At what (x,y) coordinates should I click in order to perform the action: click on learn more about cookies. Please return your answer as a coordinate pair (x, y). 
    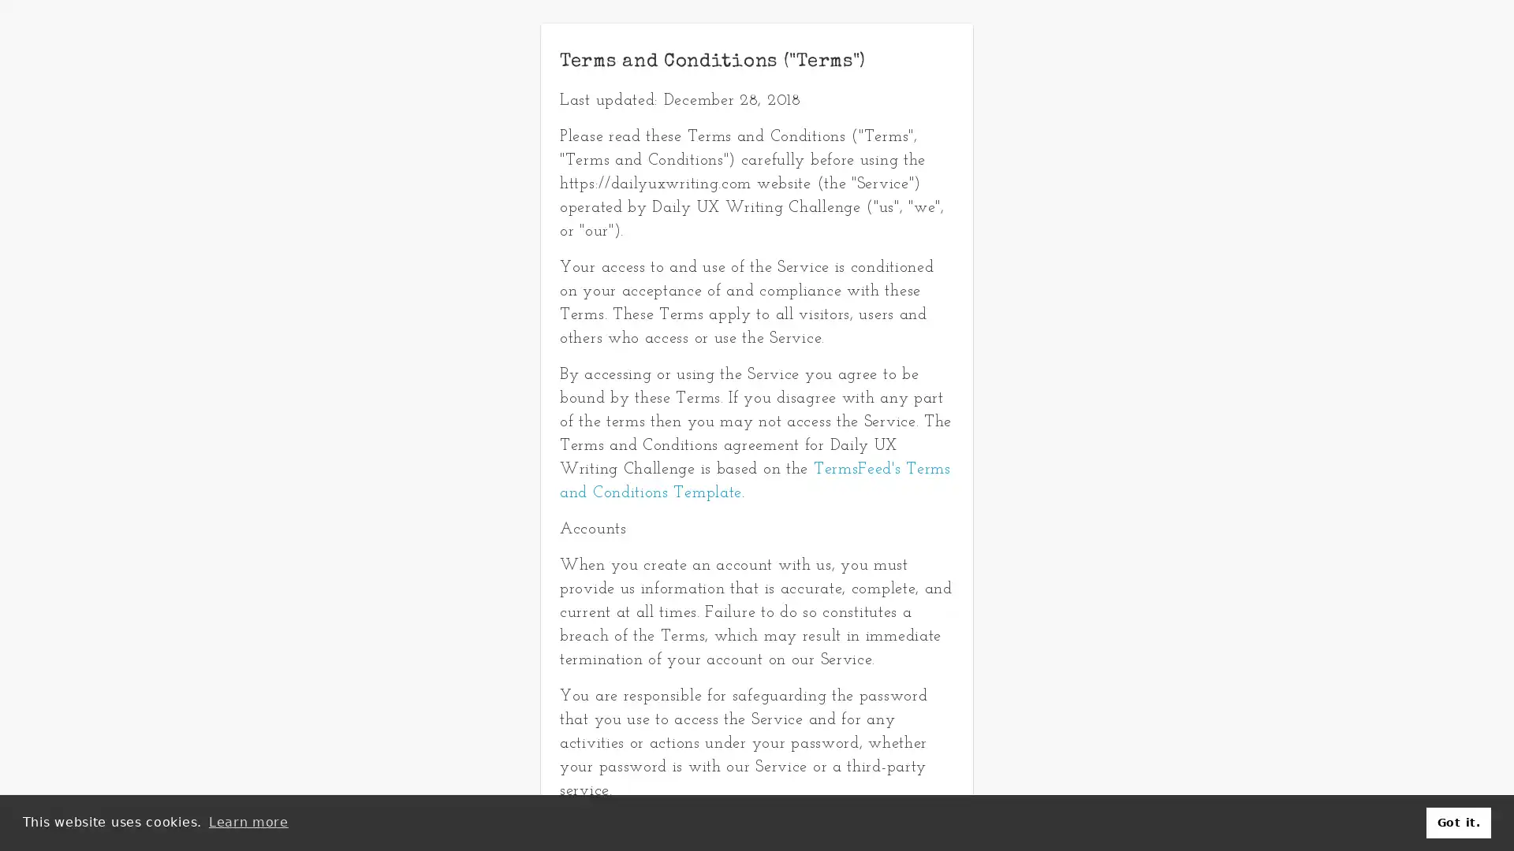
    Looking at the image, I should click on (248, 822).